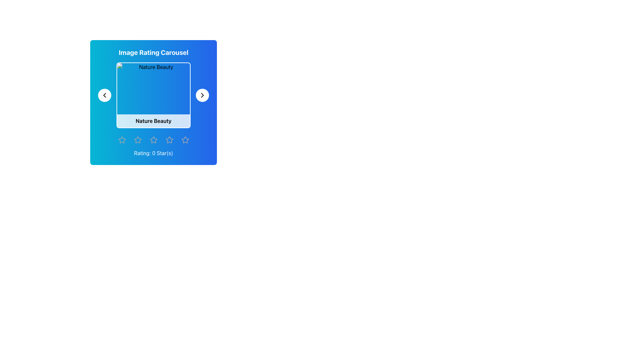  Describe the element at coordinates (169, 139) in the screenshot. I see `the third star-shaped icon in the row of five stars in the 'Image Rating Carousel' section` at that location.